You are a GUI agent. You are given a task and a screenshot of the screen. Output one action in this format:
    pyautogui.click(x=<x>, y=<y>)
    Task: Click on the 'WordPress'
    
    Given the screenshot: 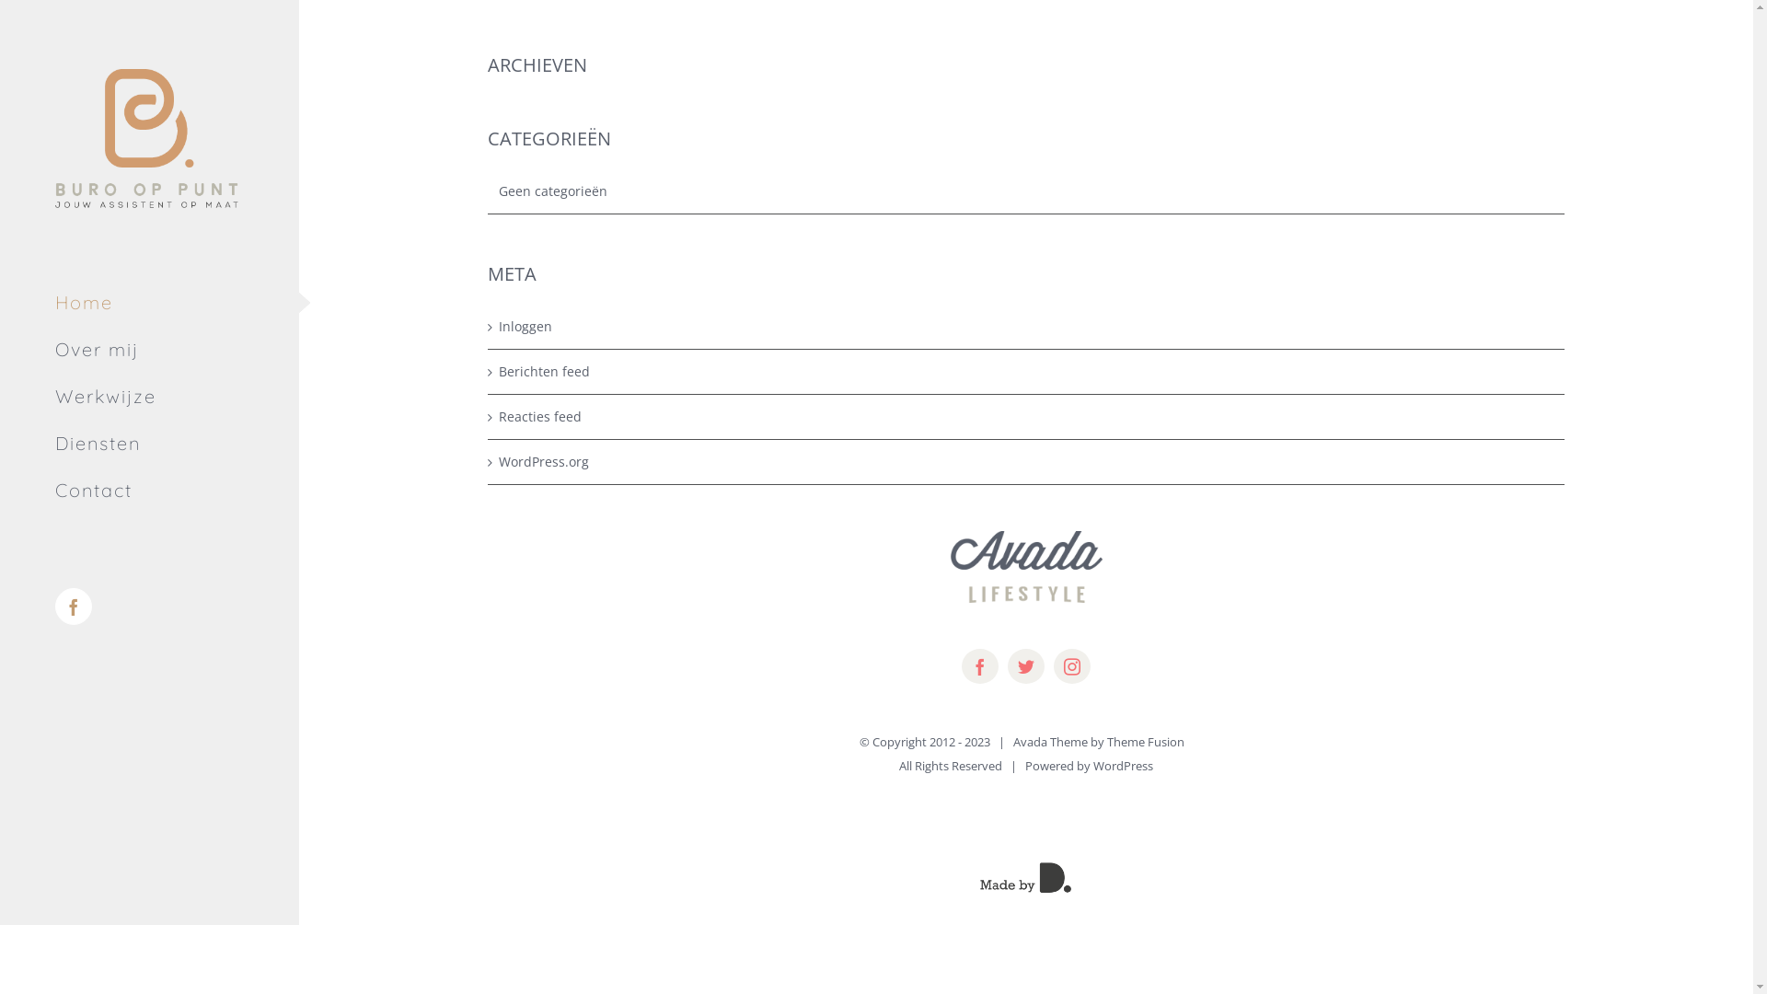 What is the action you would take?
    pyautogui.click(x=1093, y=766)
    